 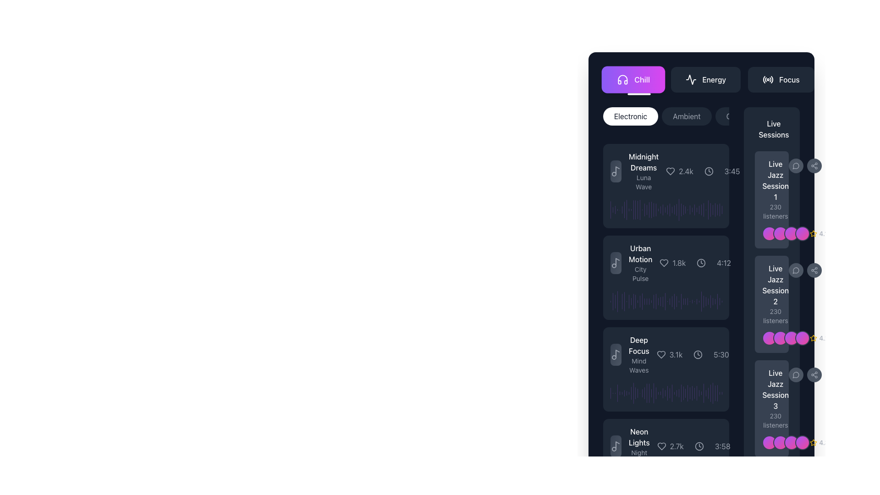 What do you see at coordinates (775, 212) in the screenshot?
I see `the text label displaying '230 listeners' located beneath the title 'Live Jazz Session 1' in the 'Live Sessions' section` at bounding box center [775, 212].